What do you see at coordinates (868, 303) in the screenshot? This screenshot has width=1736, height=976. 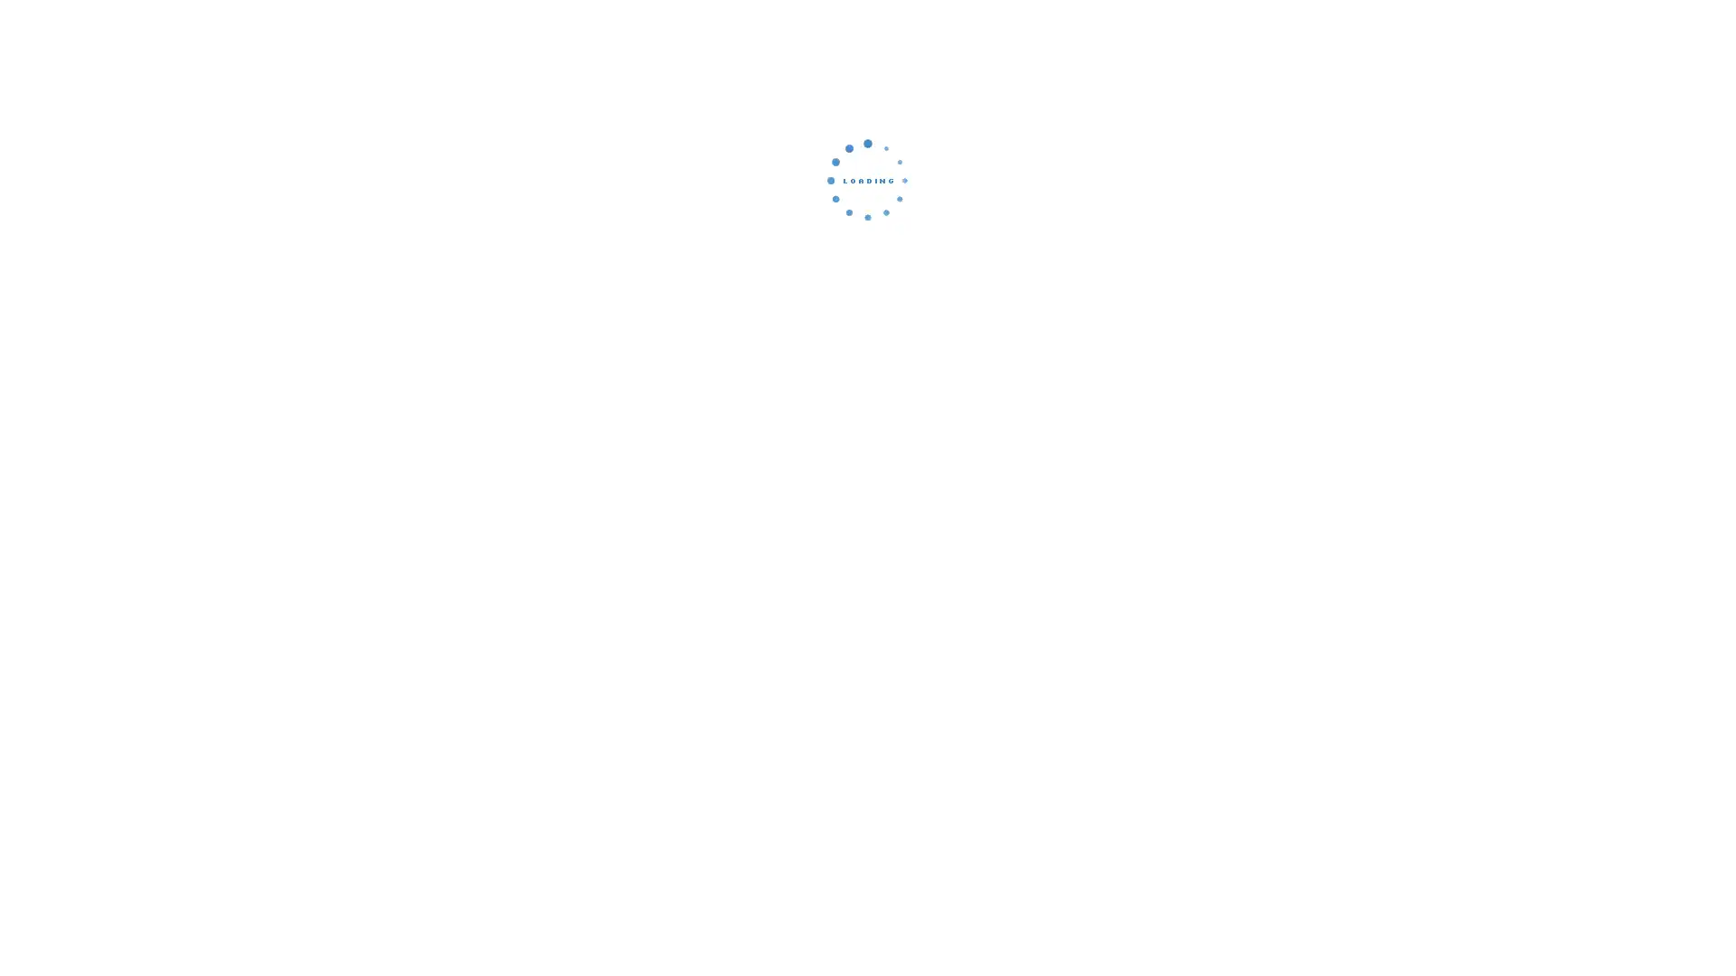 I see `Continue` at bounding box center [868, 303].